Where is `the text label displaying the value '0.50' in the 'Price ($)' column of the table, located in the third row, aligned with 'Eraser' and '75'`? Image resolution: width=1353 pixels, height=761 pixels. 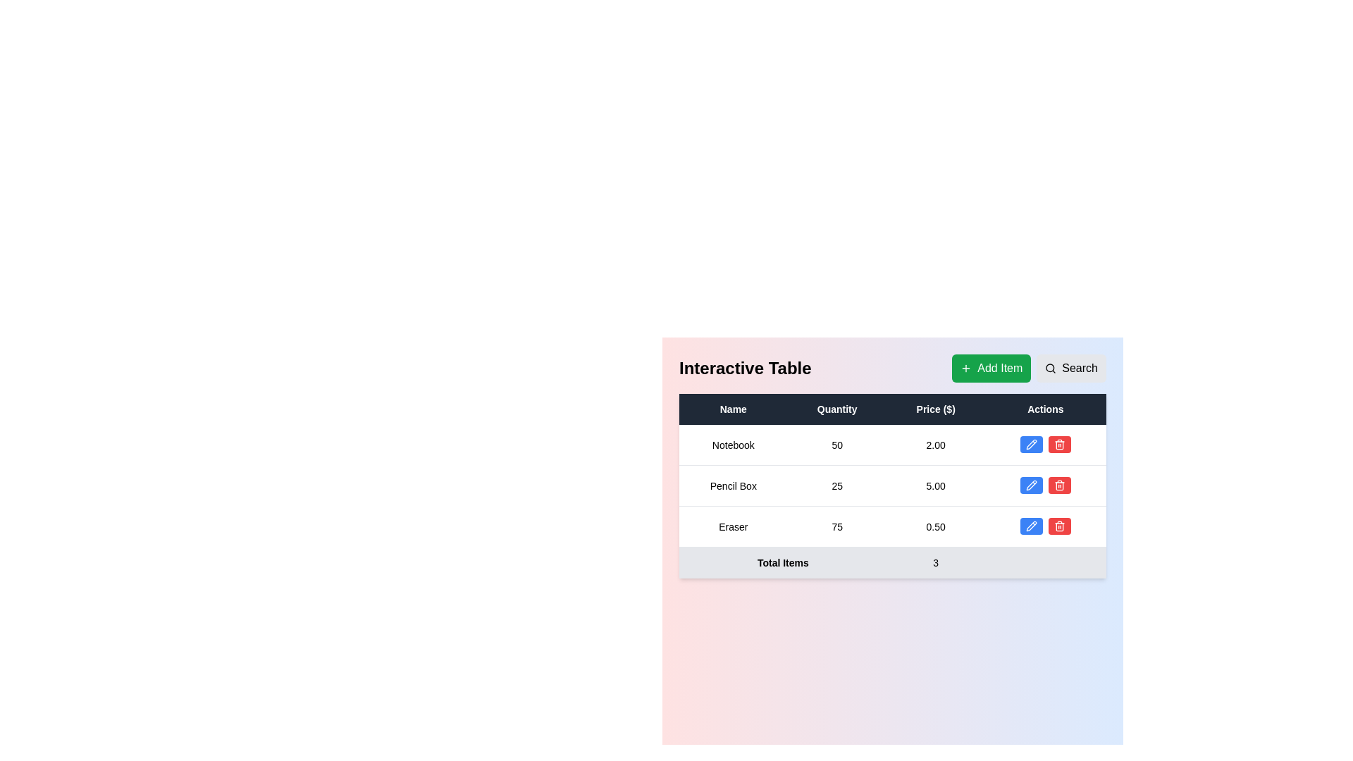
the text label displaying the value '0.50' in the 'Price ($)' column of the table, located in the third row, aligned with 'Eraser' and '75' is located at coordinates (936, 526).